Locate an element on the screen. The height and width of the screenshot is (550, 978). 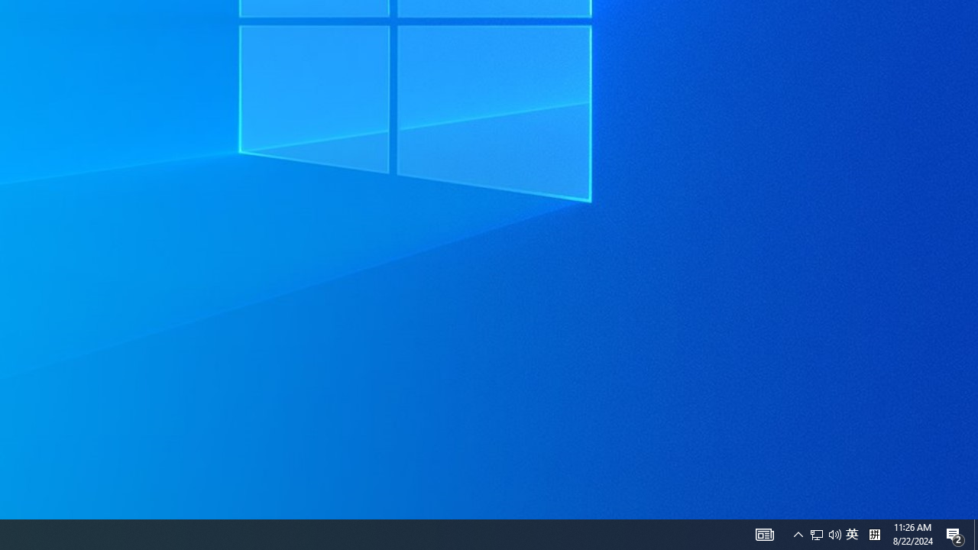
'User Promoted Notification Area' is located at coordinates (824, 533).